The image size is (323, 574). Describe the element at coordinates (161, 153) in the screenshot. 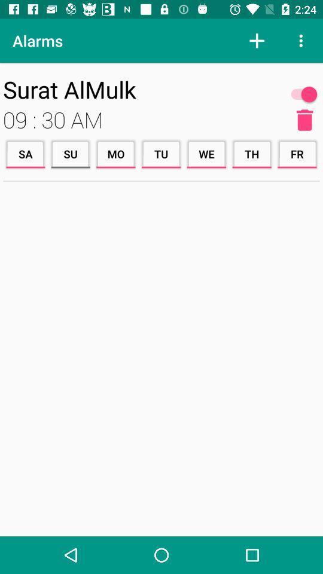

I see `the icon to the right of mo` at that location.